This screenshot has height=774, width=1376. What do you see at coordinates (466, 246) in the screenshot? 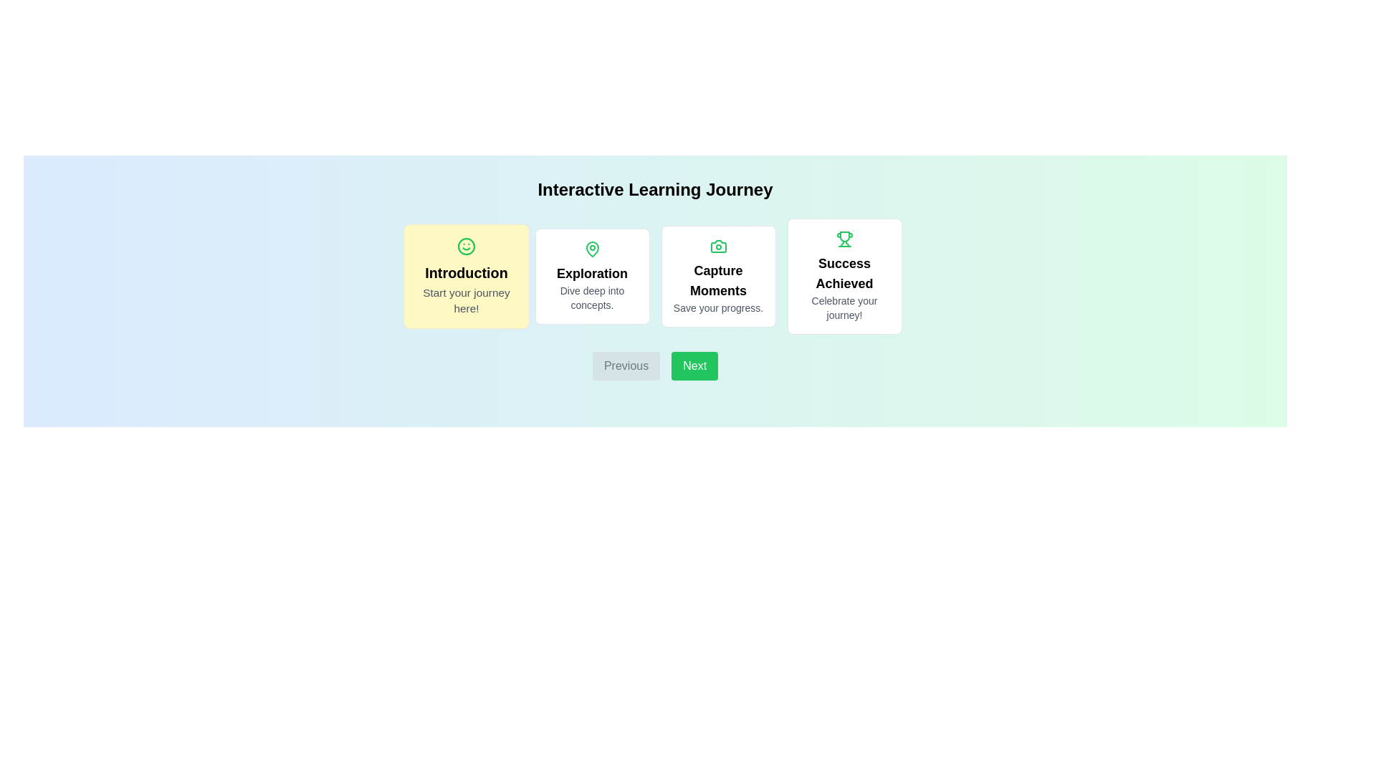
I see `the icon of the step card corresponding to Introduction` at bounding box center [466, 246].